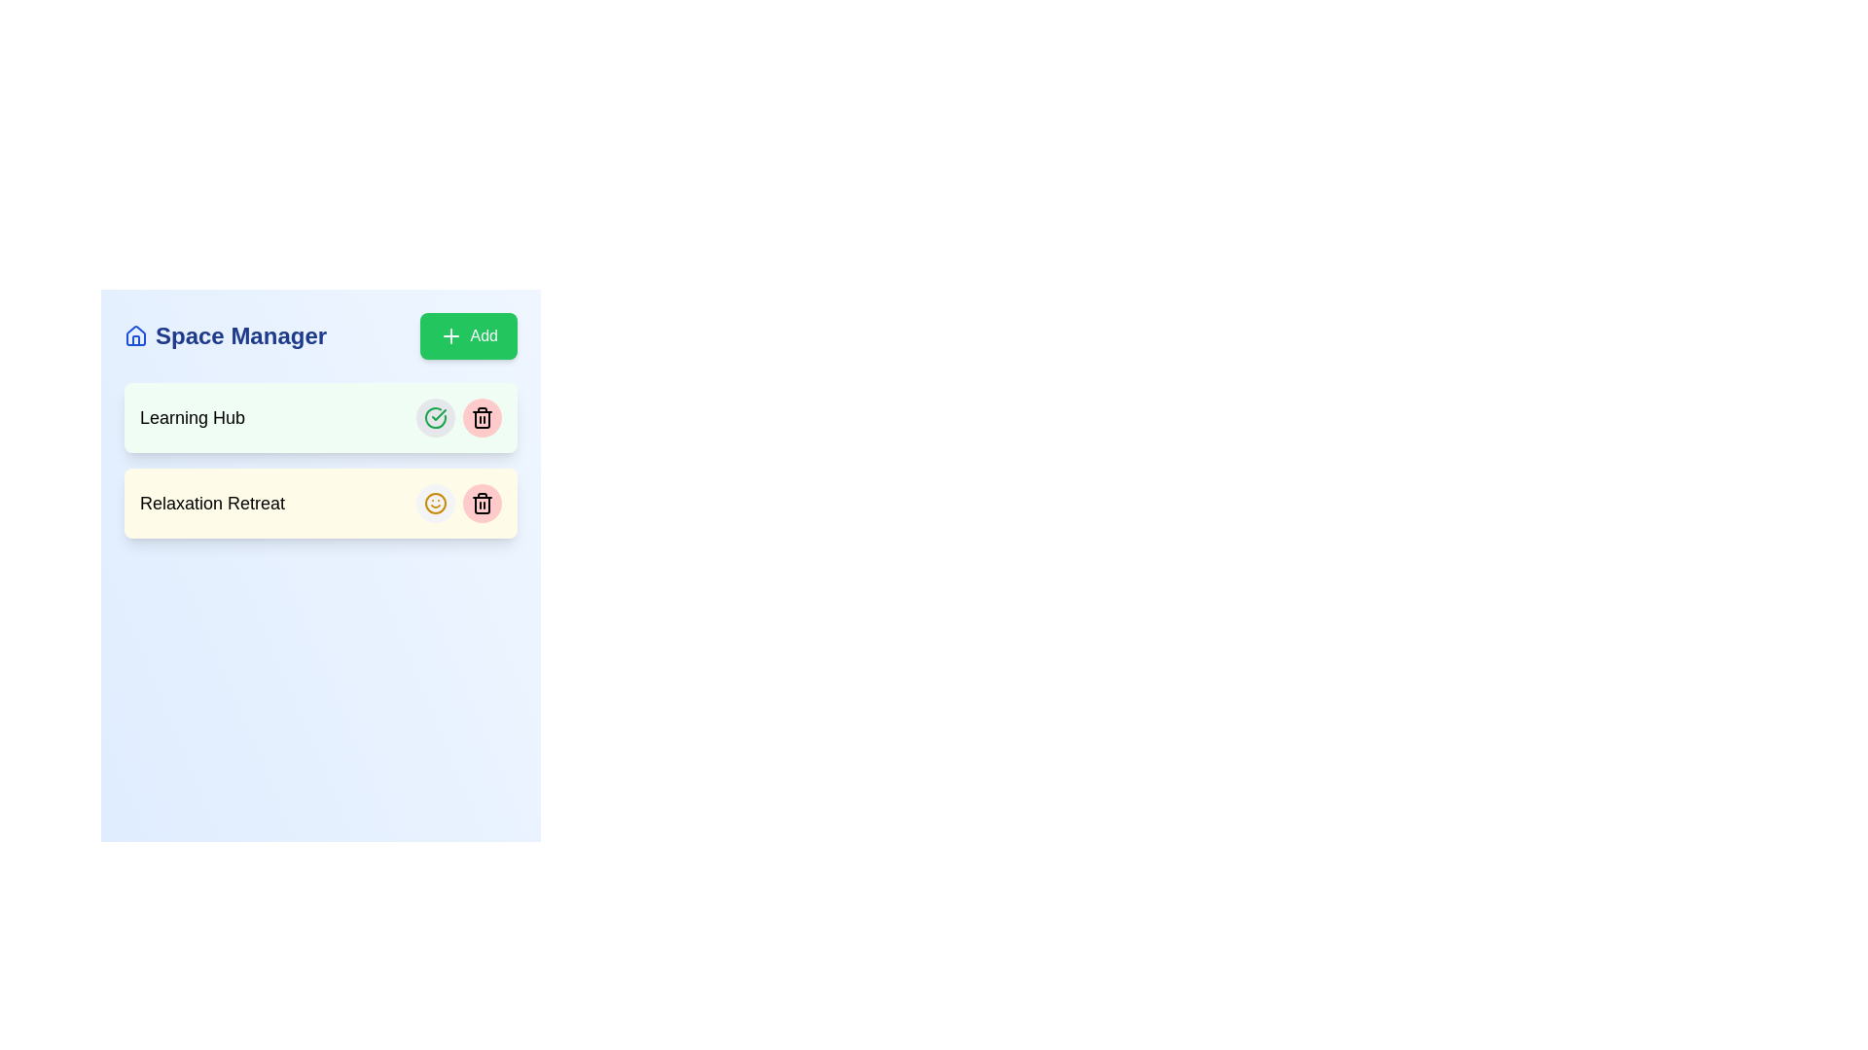 The height and width of the screenshot is (1050, 1868). Describe the element at coordinates (482, 416) in the screenshot. I see `the delete icon located to the right of the 'Learning Hub' text` at that location.